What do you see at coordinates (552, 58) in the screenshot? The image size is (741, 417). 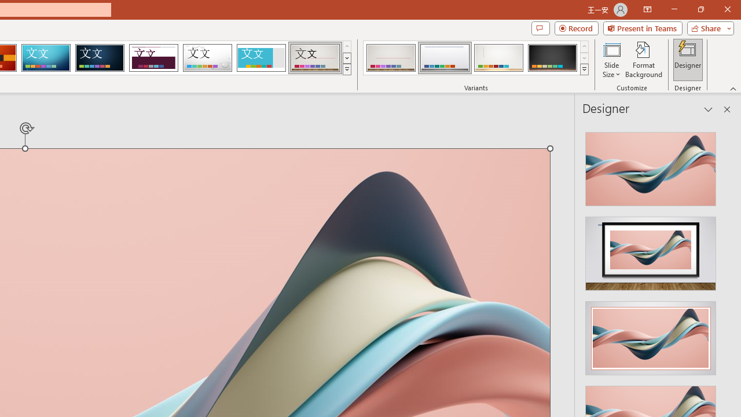 I see `'Gallery Variant 4'` at bounding box center [552, 58].